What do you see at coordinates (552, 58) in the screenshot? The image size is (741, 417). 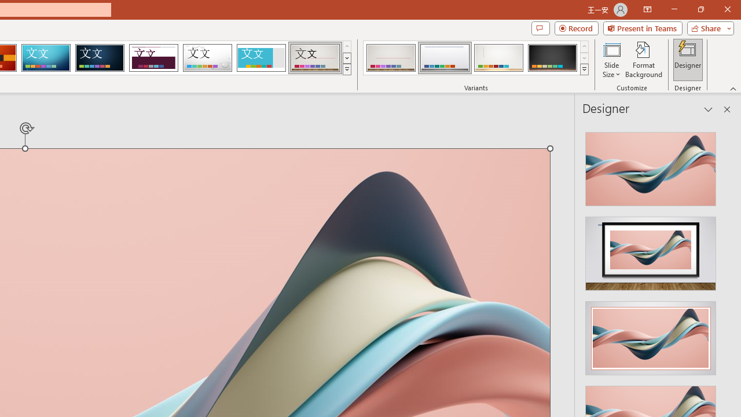 I see `'Gallery Variant 4'` at bounding box center [552, 58].